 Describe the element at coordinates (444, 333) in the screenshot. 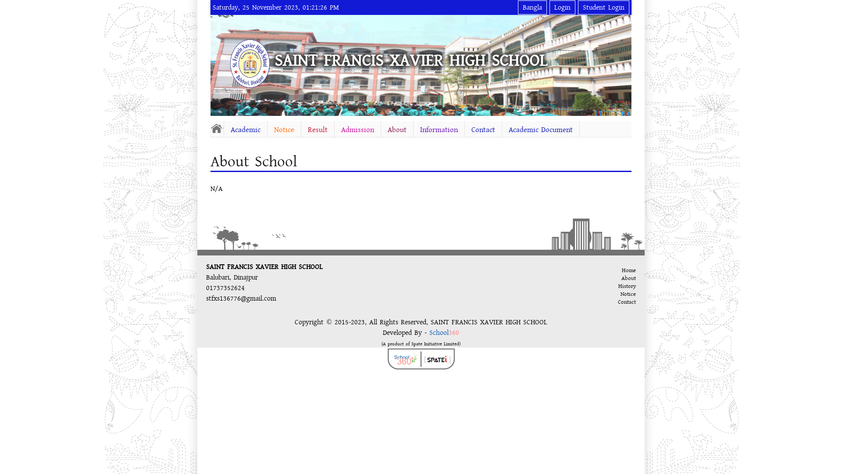

I see `'School360'` at that location.